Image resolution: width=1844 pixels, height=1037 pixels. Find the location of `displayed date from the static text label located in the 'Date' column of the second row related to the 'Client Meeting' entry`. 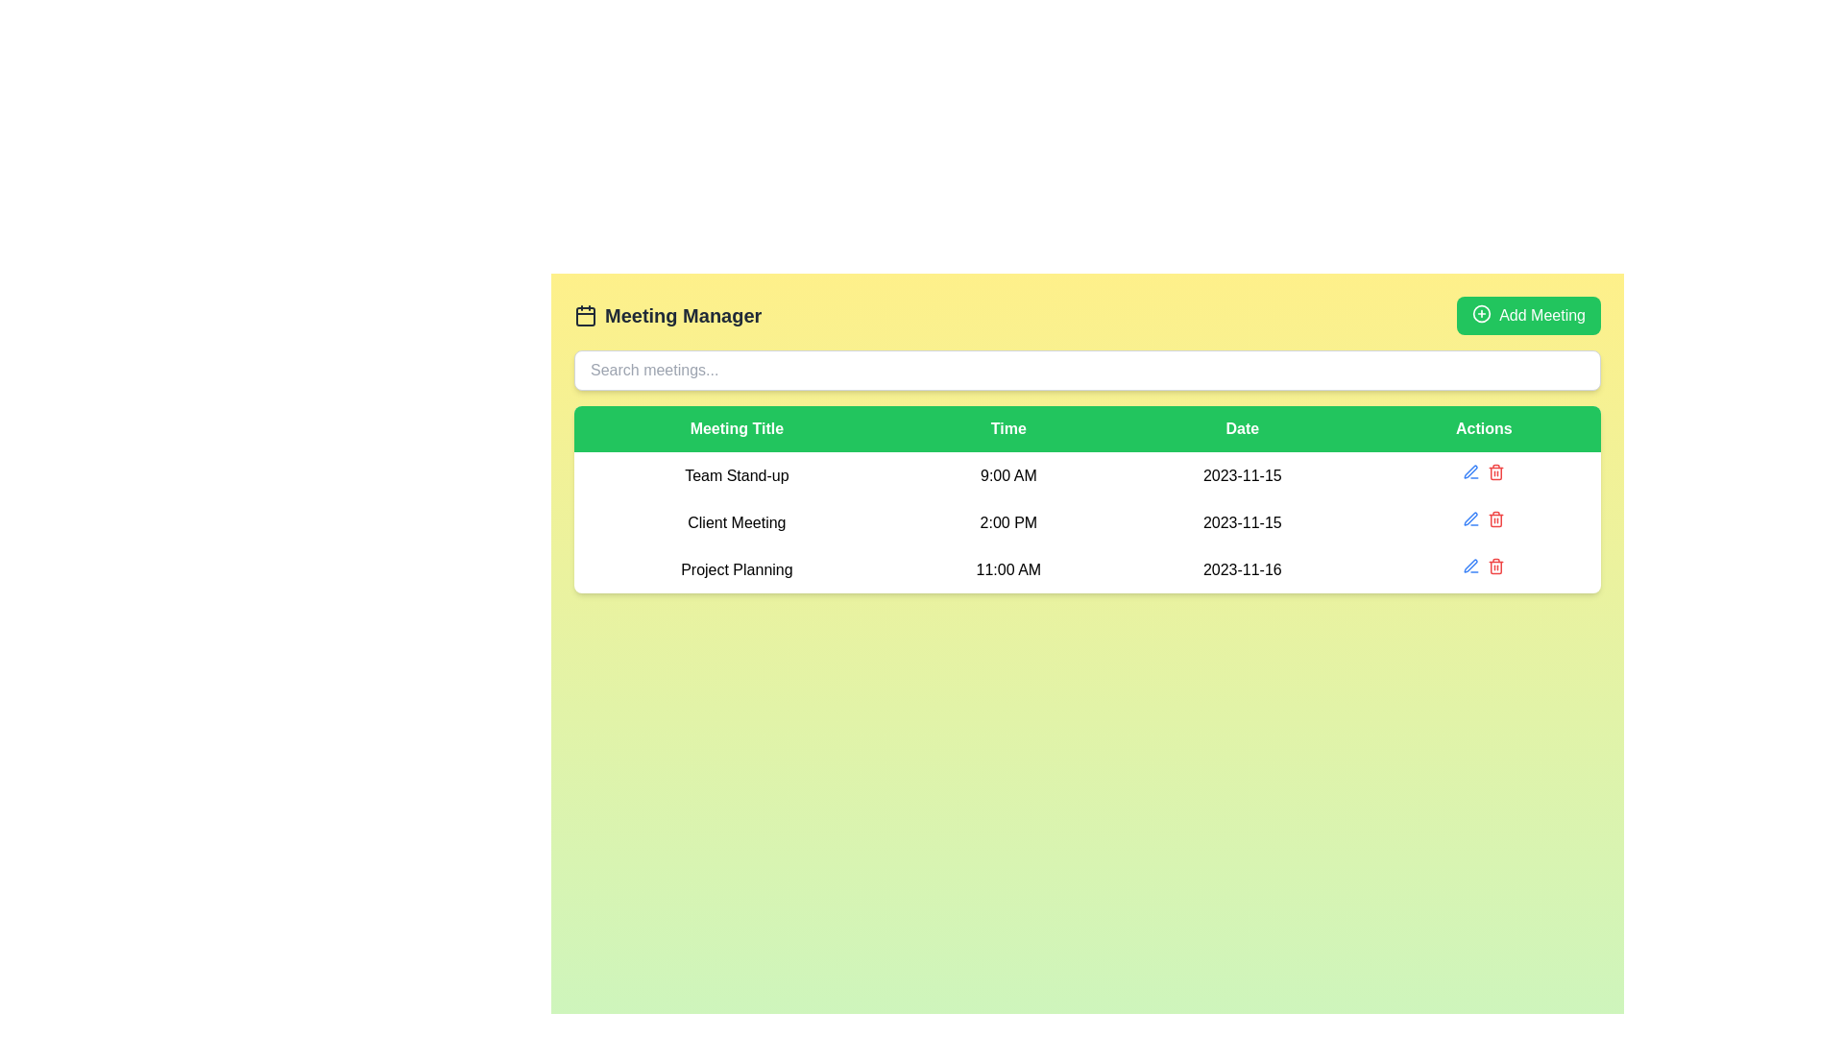

displayed date from the static text label located in the 'Date' column of the second row related to the 'Client Meeting' entry is located at coordinates (1242, 522).